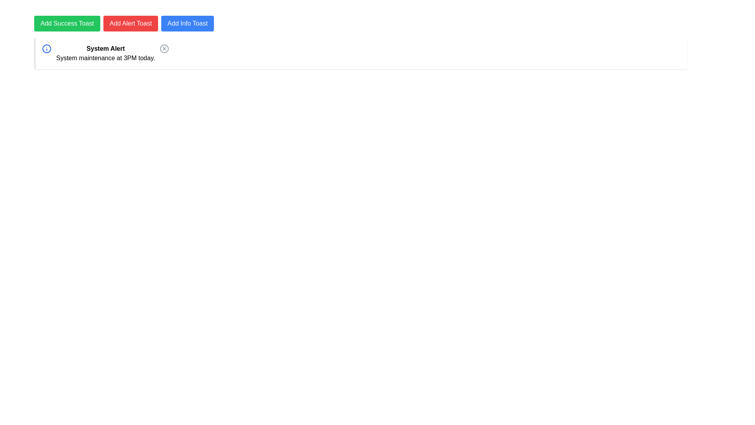 The image size is (755, 425). I want to click on the first button in the horizontal sequence, so click(67, 23).